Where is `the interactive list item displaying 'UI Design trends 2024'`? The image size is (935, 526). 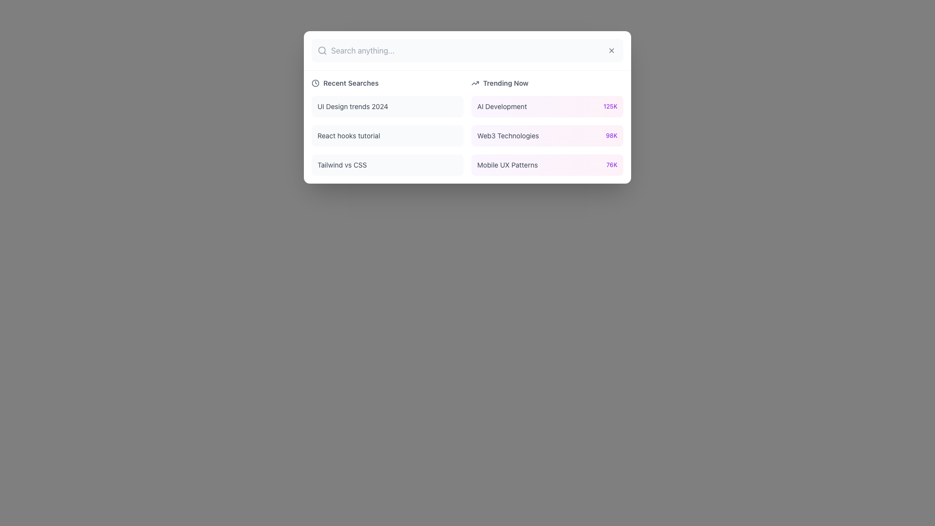
the interactive list item displaying 'UI Design trends 2024' is located at coordinates (387, 107).